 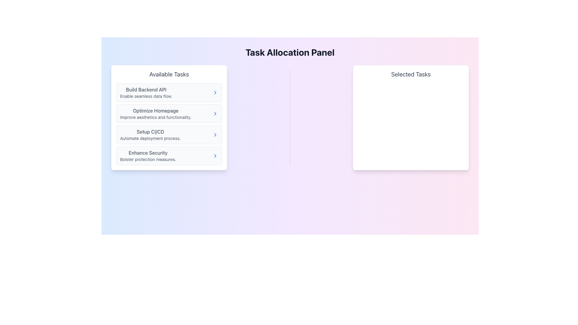 What do you see at coordinates (156, 114) in the screenshot?
I see `to select the task labeled 'Optimize Homepage' in the 'Available Tasks' panel, which is positioned below 'Build Backend API' and above 'Setup CI/CD'` at bounding box center [156, 114].